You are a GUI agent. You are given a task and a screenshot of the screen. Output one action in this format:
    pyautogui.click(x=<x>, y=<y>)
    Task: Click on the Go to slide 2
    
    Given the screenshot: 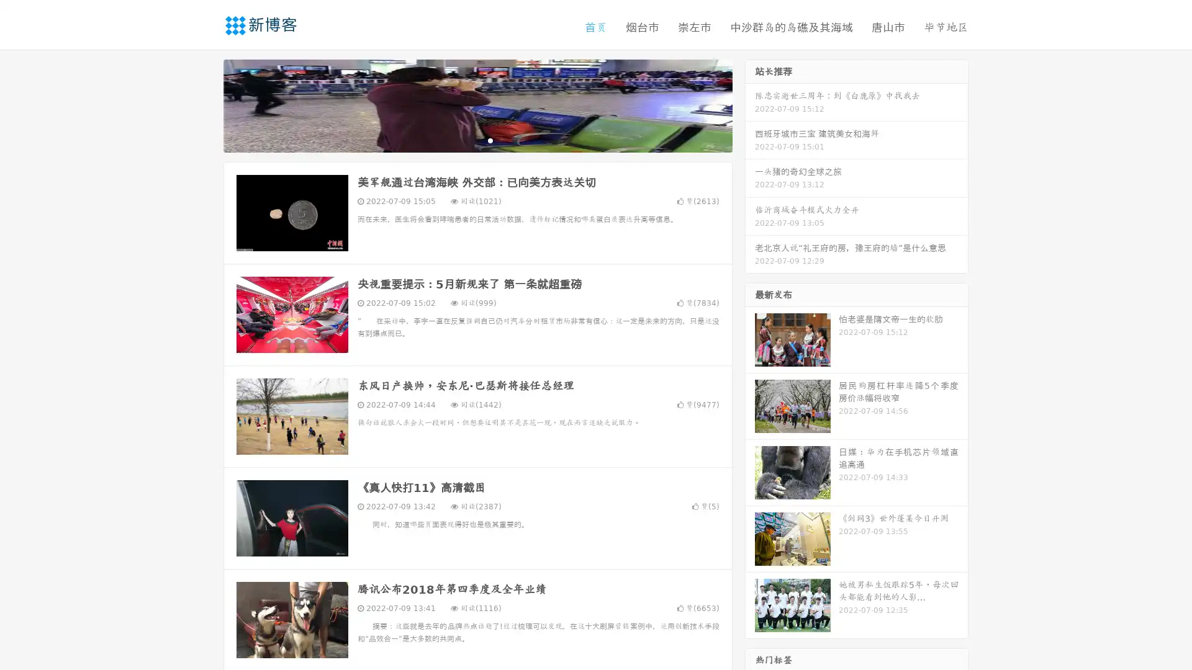 What is the action you would take?
    pyautogui.click(x=477, y=140)
    